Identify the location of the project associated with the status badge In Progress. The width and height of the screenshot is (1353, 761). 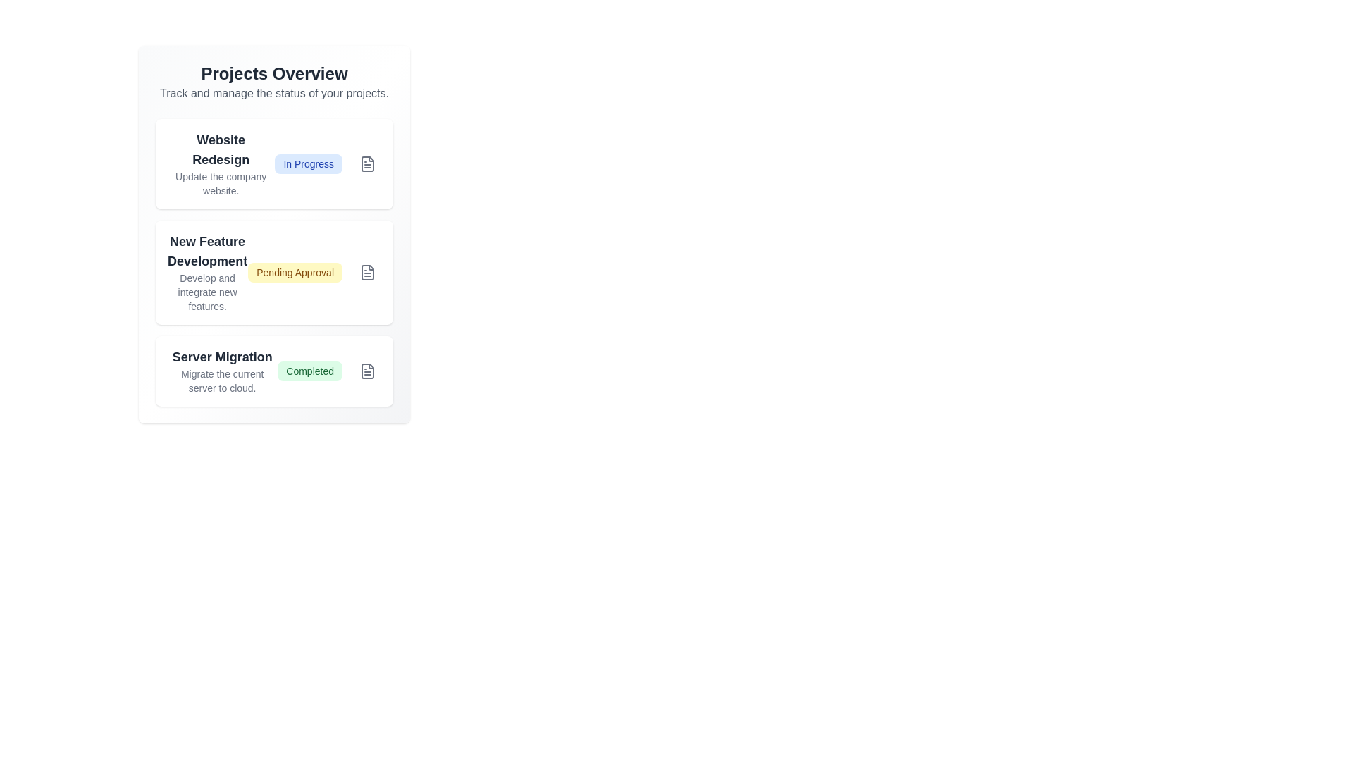
(307, 163).